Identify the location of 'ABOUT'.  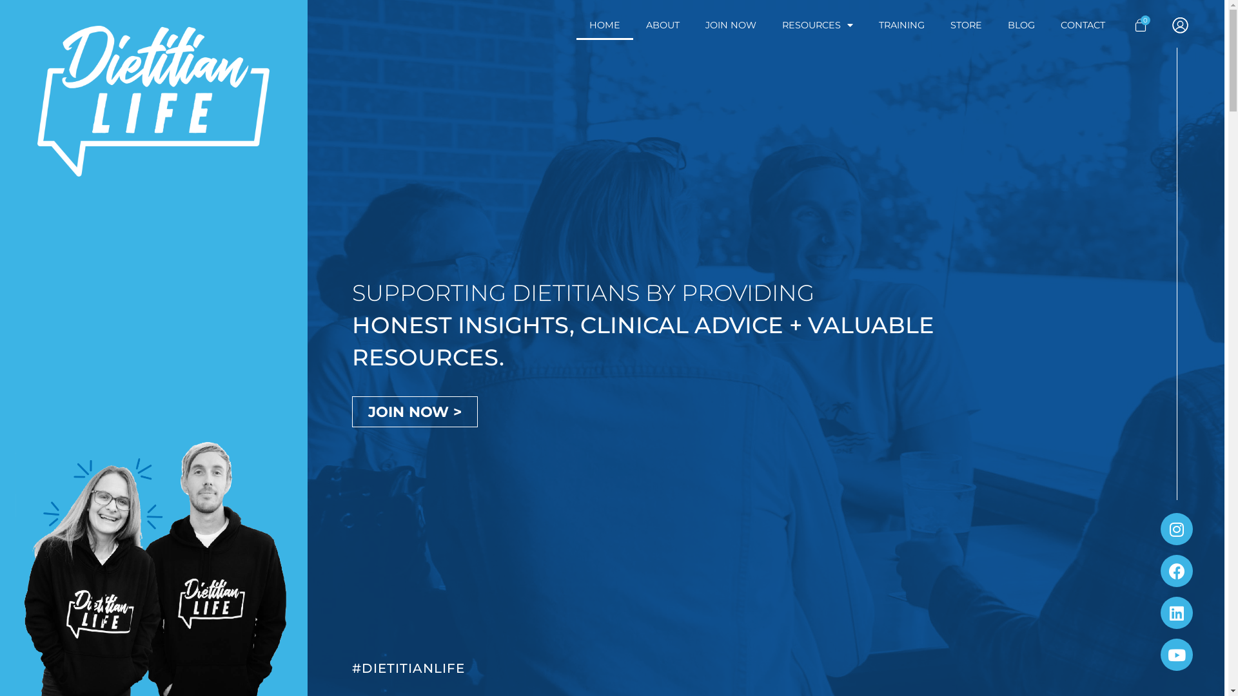
(633, 24).